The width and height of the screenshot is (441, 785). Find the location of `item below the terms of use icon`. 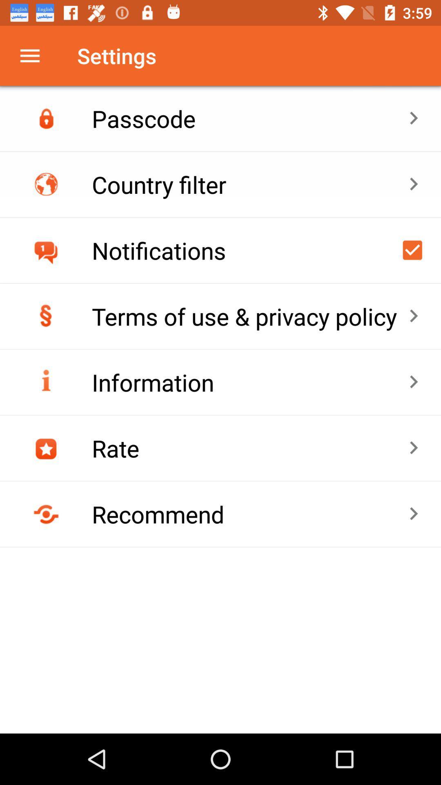

item below the terms of use icon is located at coordinates (249, 381).